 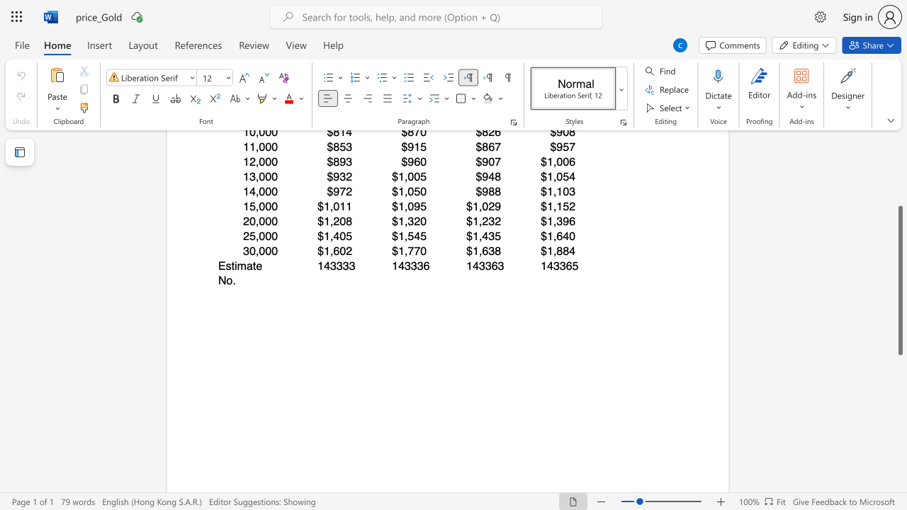 What do you see at coordinates (899, 191) in the screenshot?
I see `the right-hand scrollbar to ascend the page` at bounding box center [899, 191].